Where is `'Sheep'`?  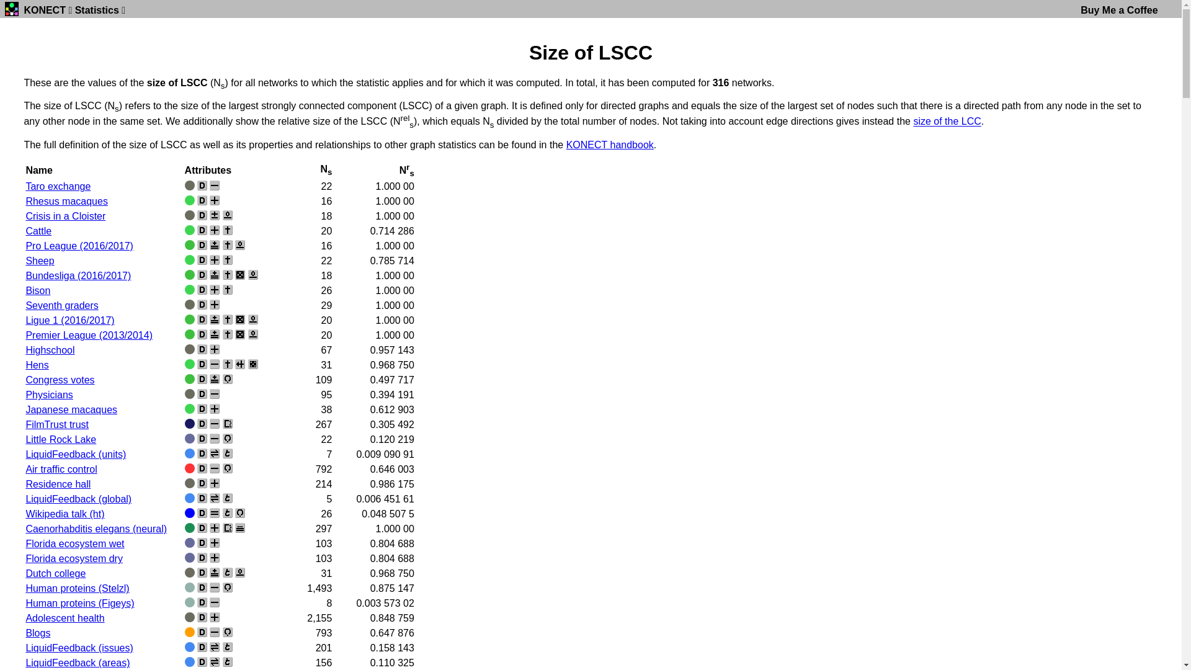 'Sheep' is located at coordinates (39, 260).